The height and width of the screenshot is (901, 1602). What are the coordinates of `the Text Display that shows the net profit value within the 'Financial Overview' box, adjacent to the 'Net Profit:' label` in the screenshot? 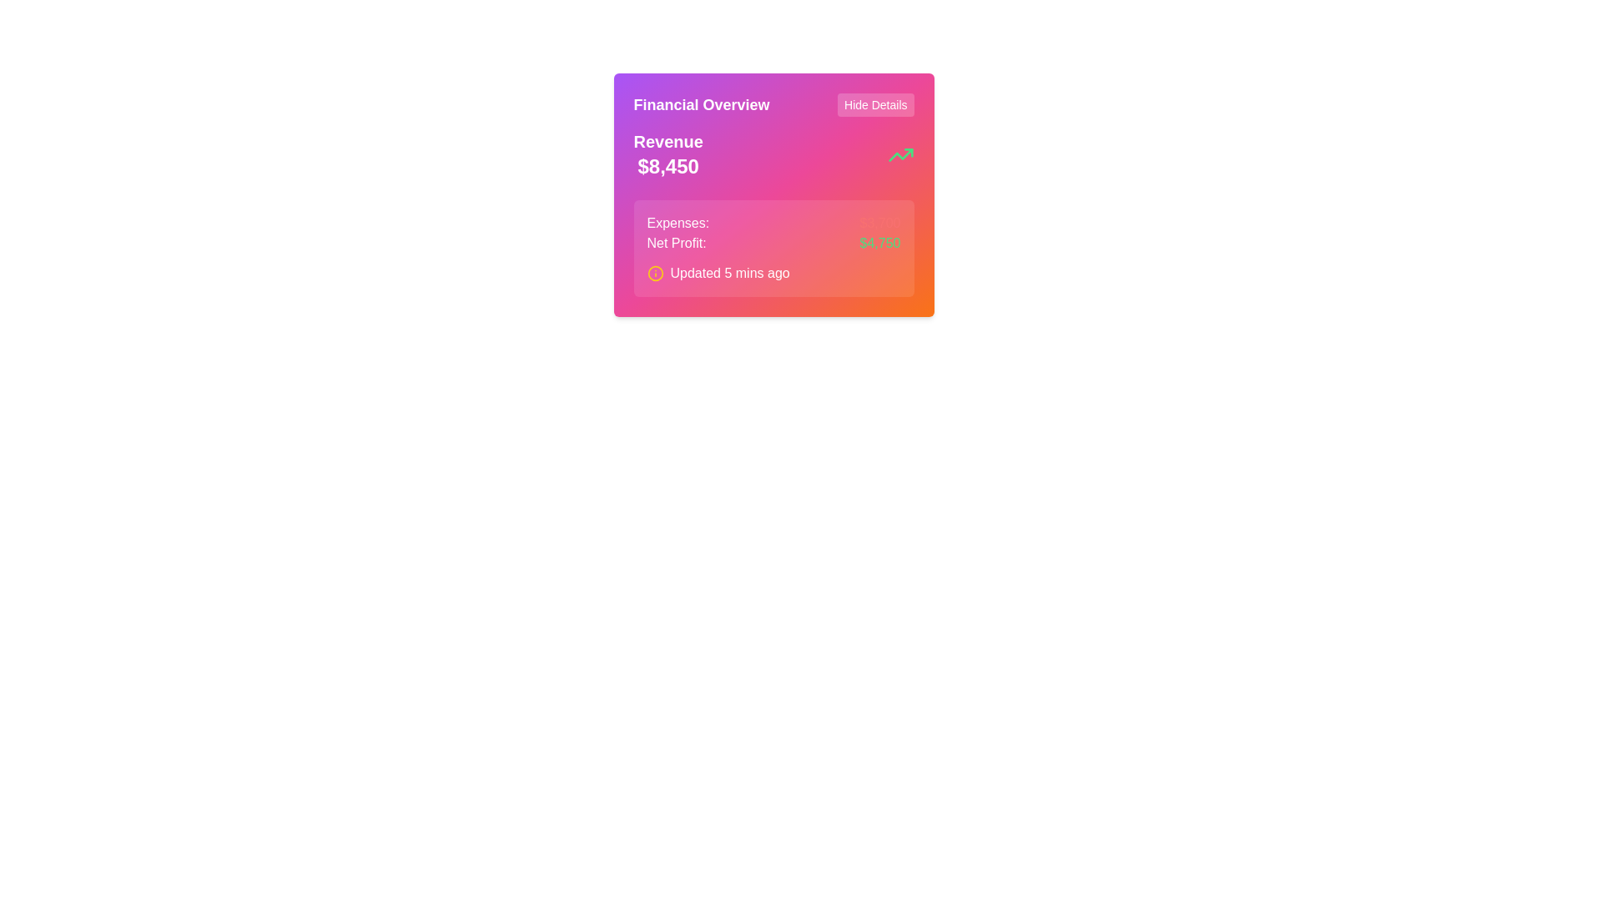 It's located at (879, 244).